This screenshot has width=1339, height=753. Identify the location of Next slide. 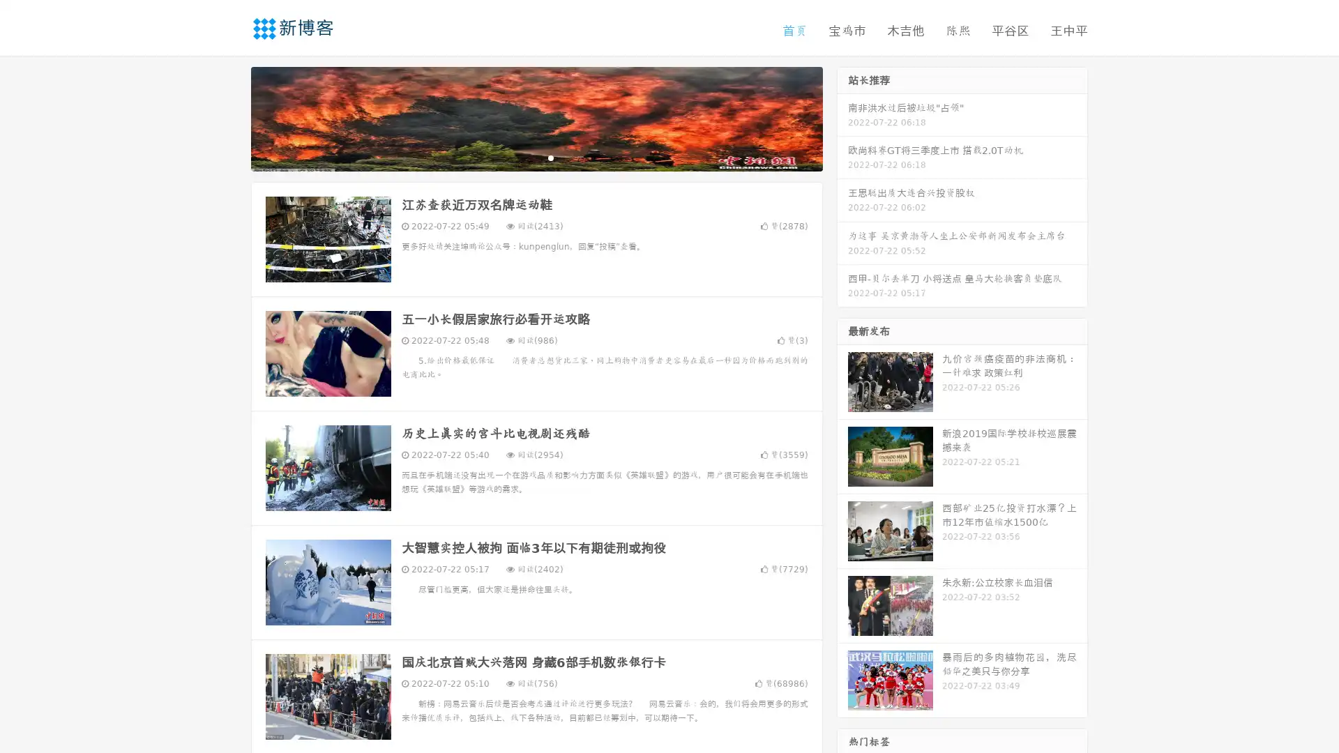
(842, 117).